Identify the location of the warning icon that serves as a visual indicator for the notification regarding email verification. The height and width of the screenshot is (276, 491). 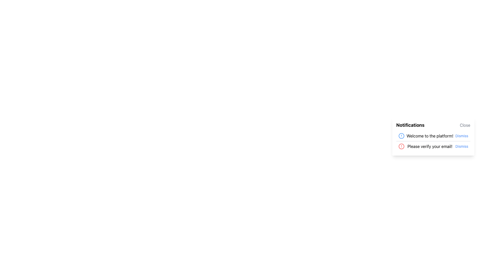
(401, 146).